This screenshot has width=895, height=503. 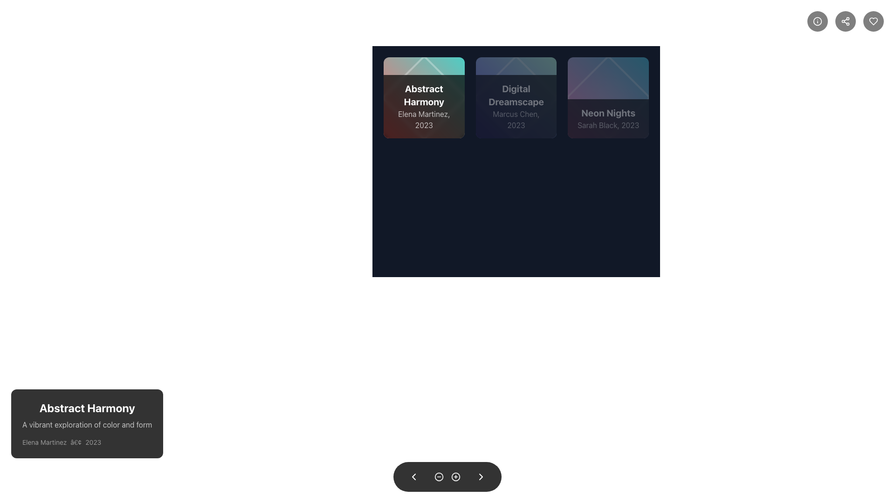 What do you see at coordinates (423, 97) in the screenshot?
I see `the decorative frame or border, which is a square-shaped UI component with a white semi-transparent border and rounded edges, centered behind the circular element` at bounding box center [423, 97].